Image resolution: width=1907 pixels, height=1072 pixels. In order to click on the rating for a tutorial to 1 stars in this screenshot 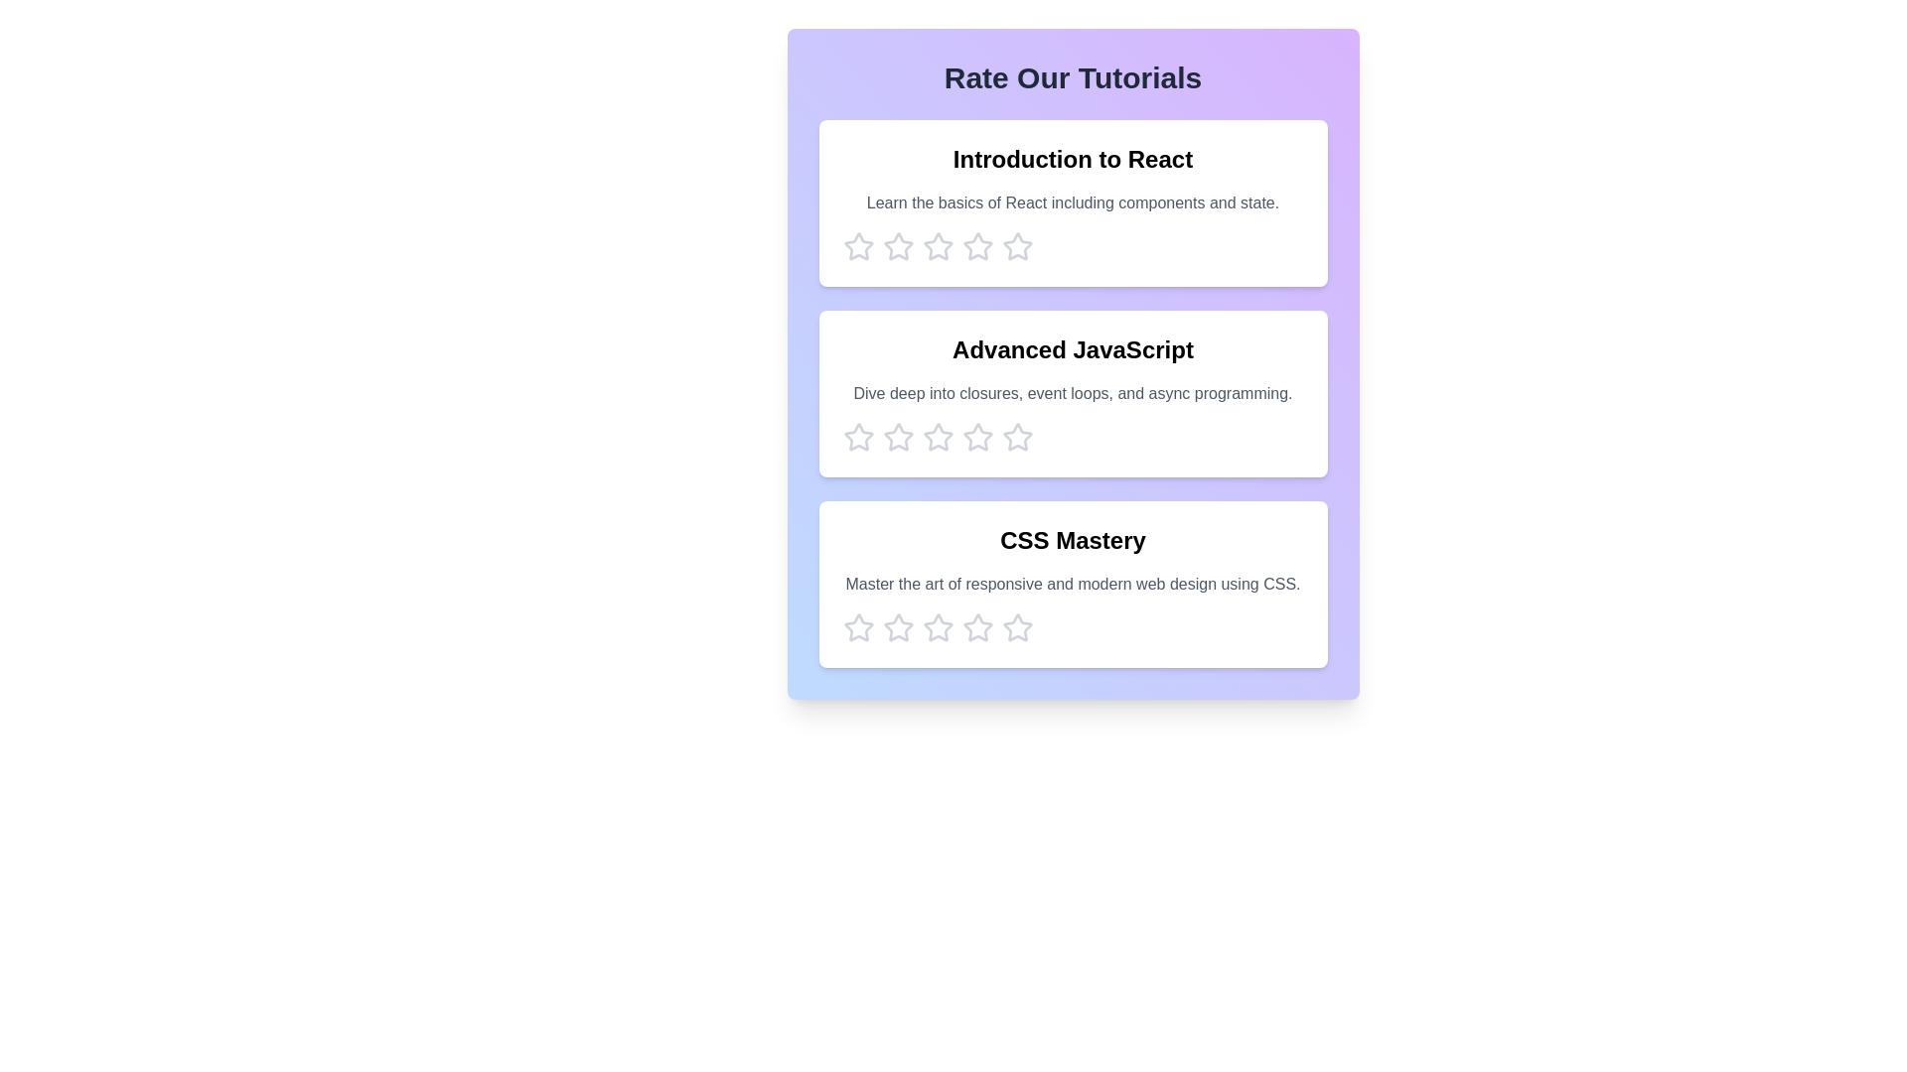, I will do `click(858, 246)`.